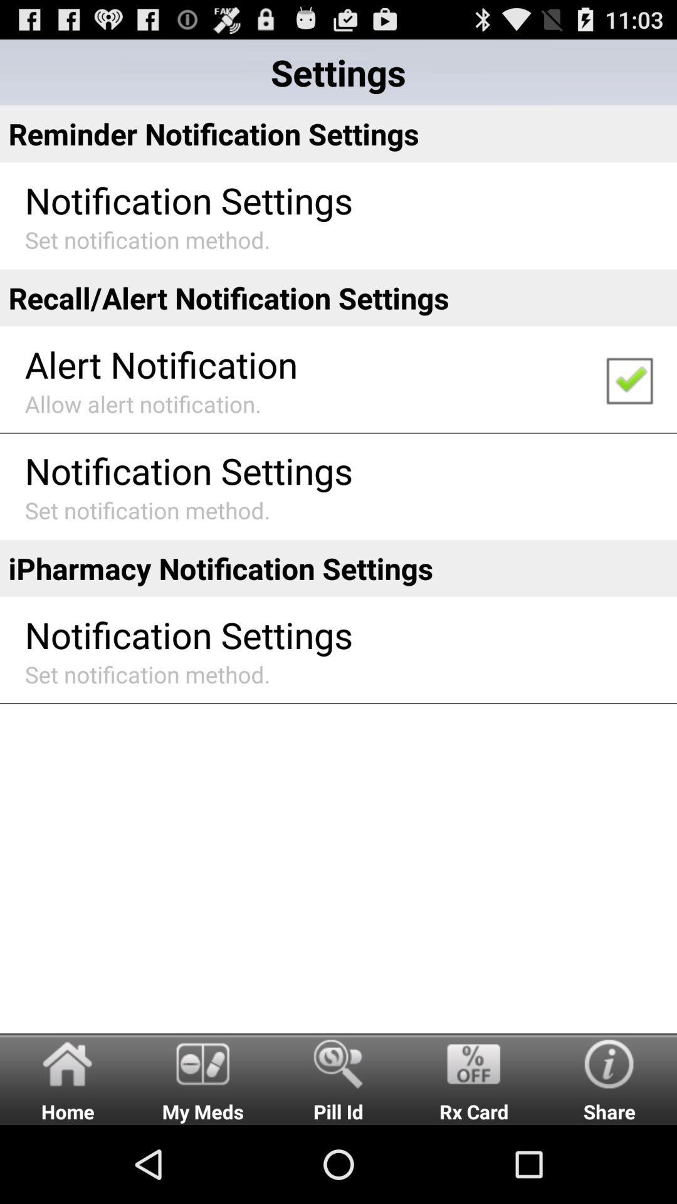 This screenshot has height=1204, width=677. Describe the element at coordinates (68, 1078) in the screenshot. I see `home` at that location.